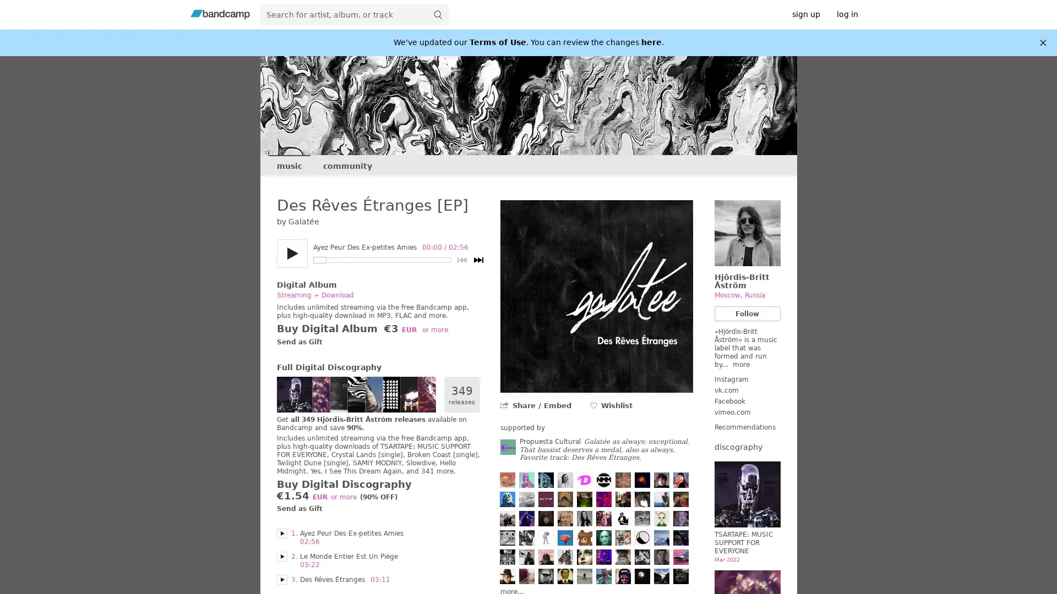 The width and height of the screenshot is (1057, 594). Describe the element at coordinates (281, 579) in the screenshot. I see `Play Des Reves Etranges` at that location.